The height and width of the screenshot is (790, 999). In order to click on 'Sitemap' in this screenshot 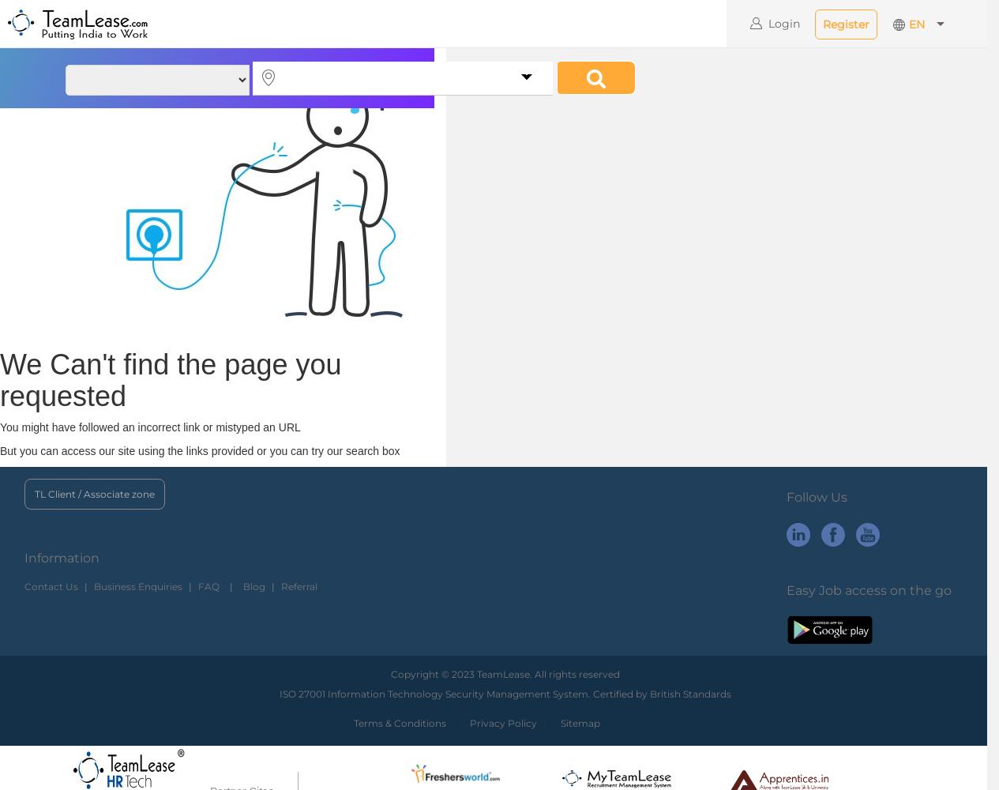, I will do `click(580, 723)`.